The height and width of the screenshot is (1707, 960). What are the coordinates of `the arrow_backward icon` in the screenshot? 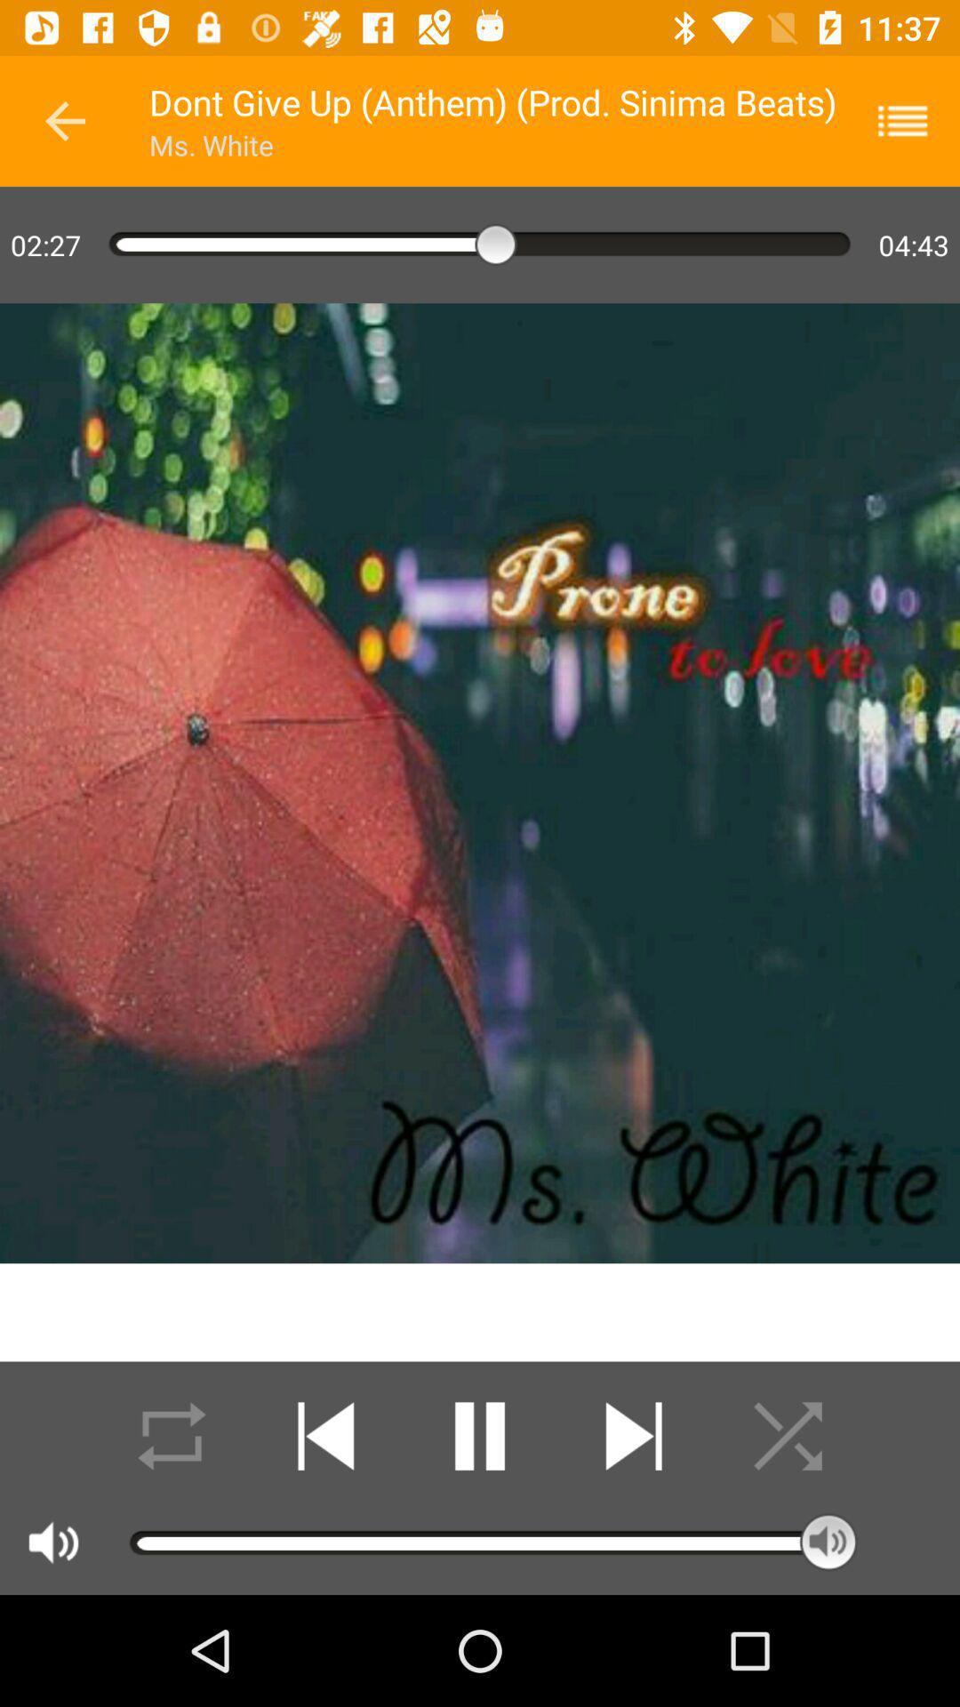 It's located at (64, 120).